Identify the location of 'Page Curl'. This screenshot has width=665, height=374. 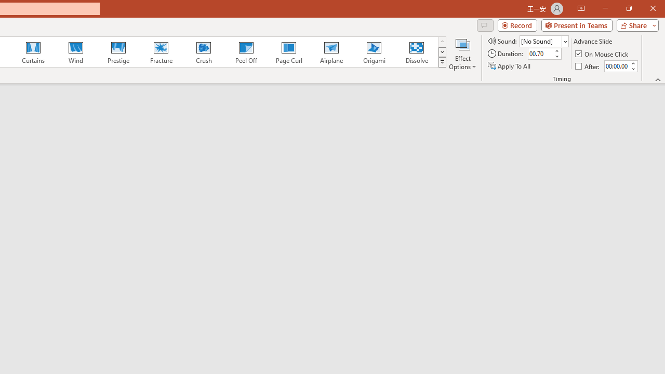
(288, 52).